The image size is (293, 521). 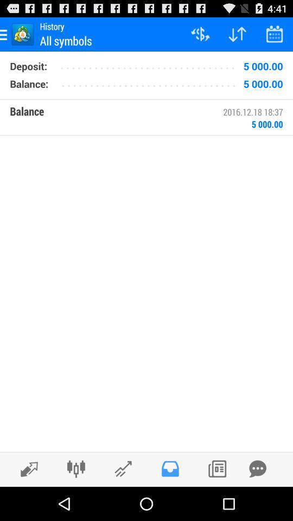 I want to click on inbox, so click(x=170, y=468).